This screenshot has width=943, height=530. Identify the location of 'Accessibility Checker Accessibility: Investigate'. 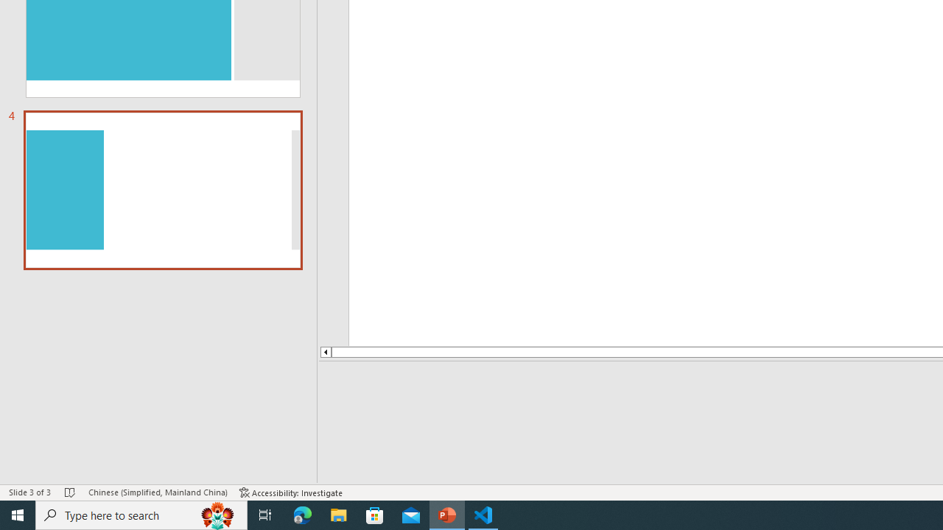
(291, 492).